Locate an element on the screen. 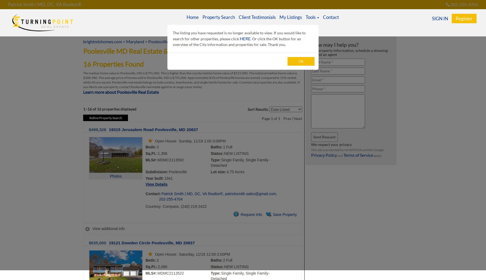 The height and width of the screenshot is (280, 486). 'The median home value in Poolesville, MD is $' is located at coordinates (115, 73).